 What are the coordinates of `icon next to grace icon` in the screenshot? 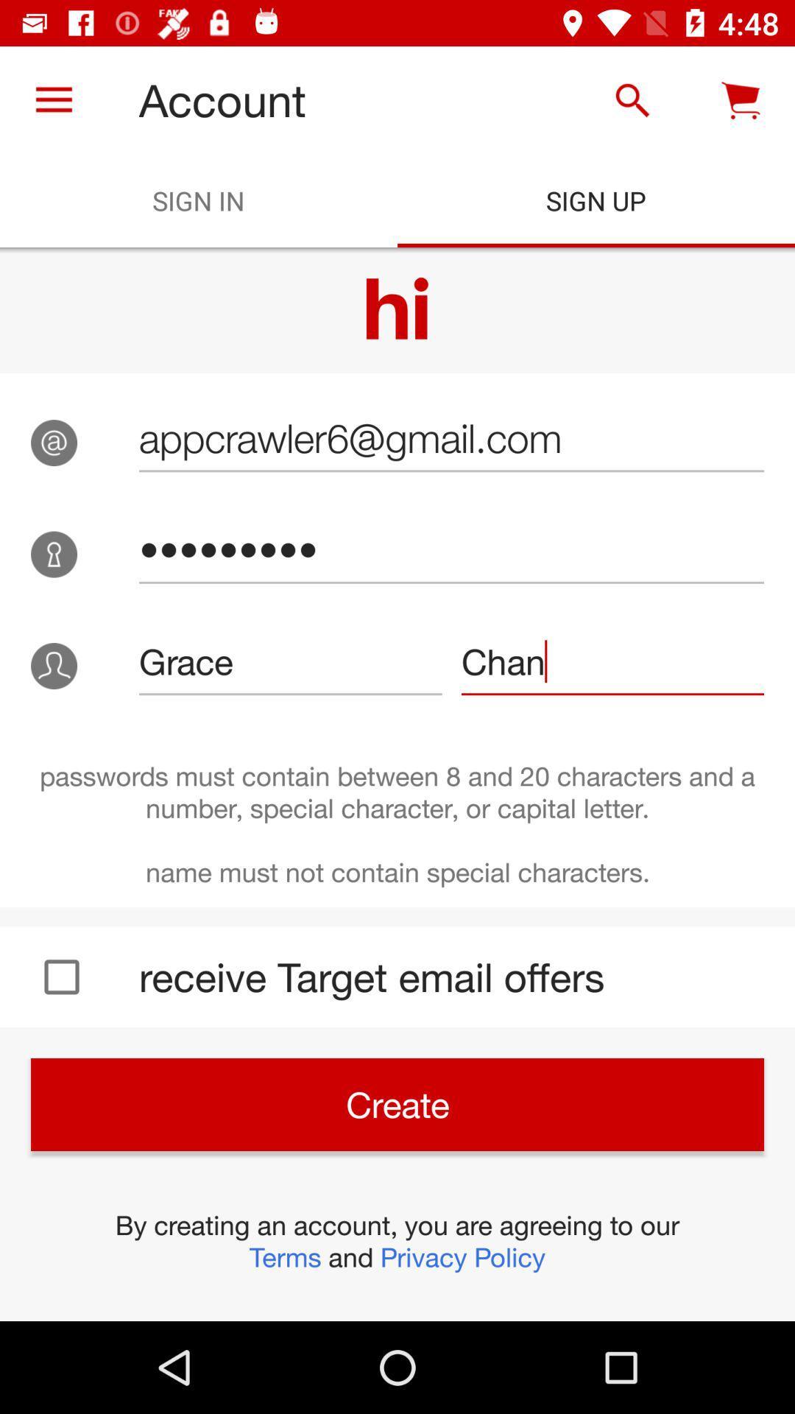 It's located at (612, 661).